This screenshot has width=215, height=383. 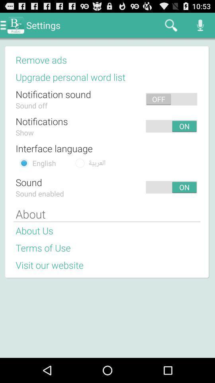 I want to click on the item above visit our website item, so click(x=43, y=247).